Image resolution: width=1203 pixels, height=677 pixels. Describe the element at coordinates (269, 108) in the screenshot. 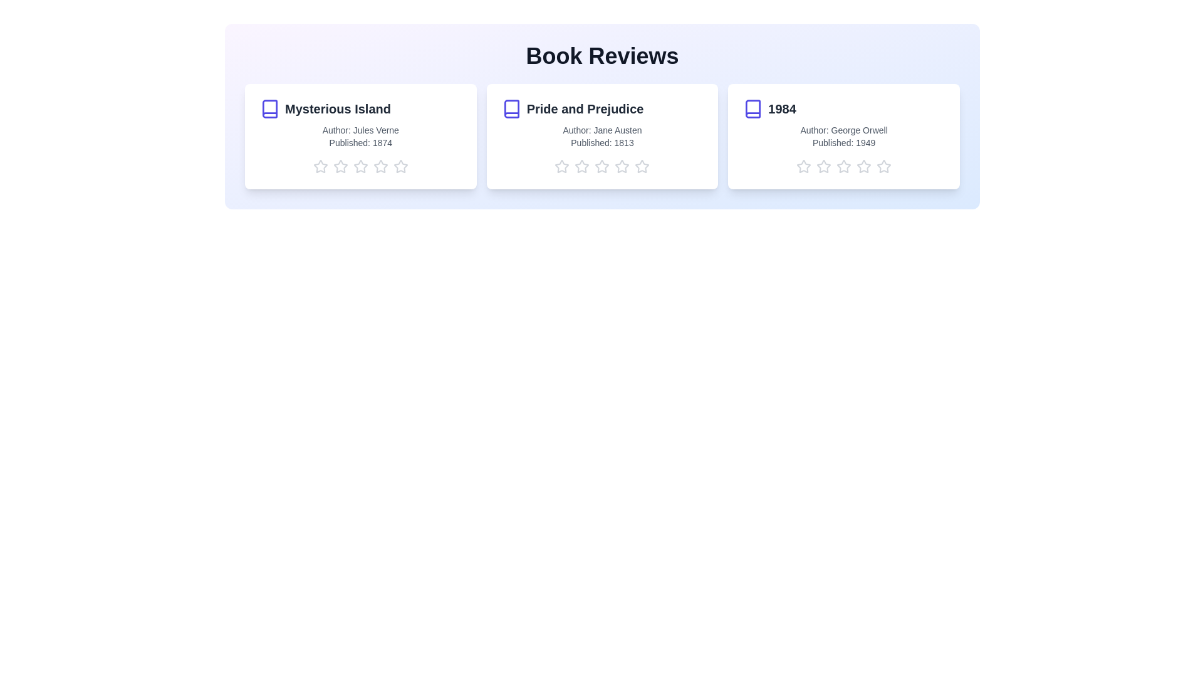

I see `the book icon of the book titled Mysterious Island` at that location.